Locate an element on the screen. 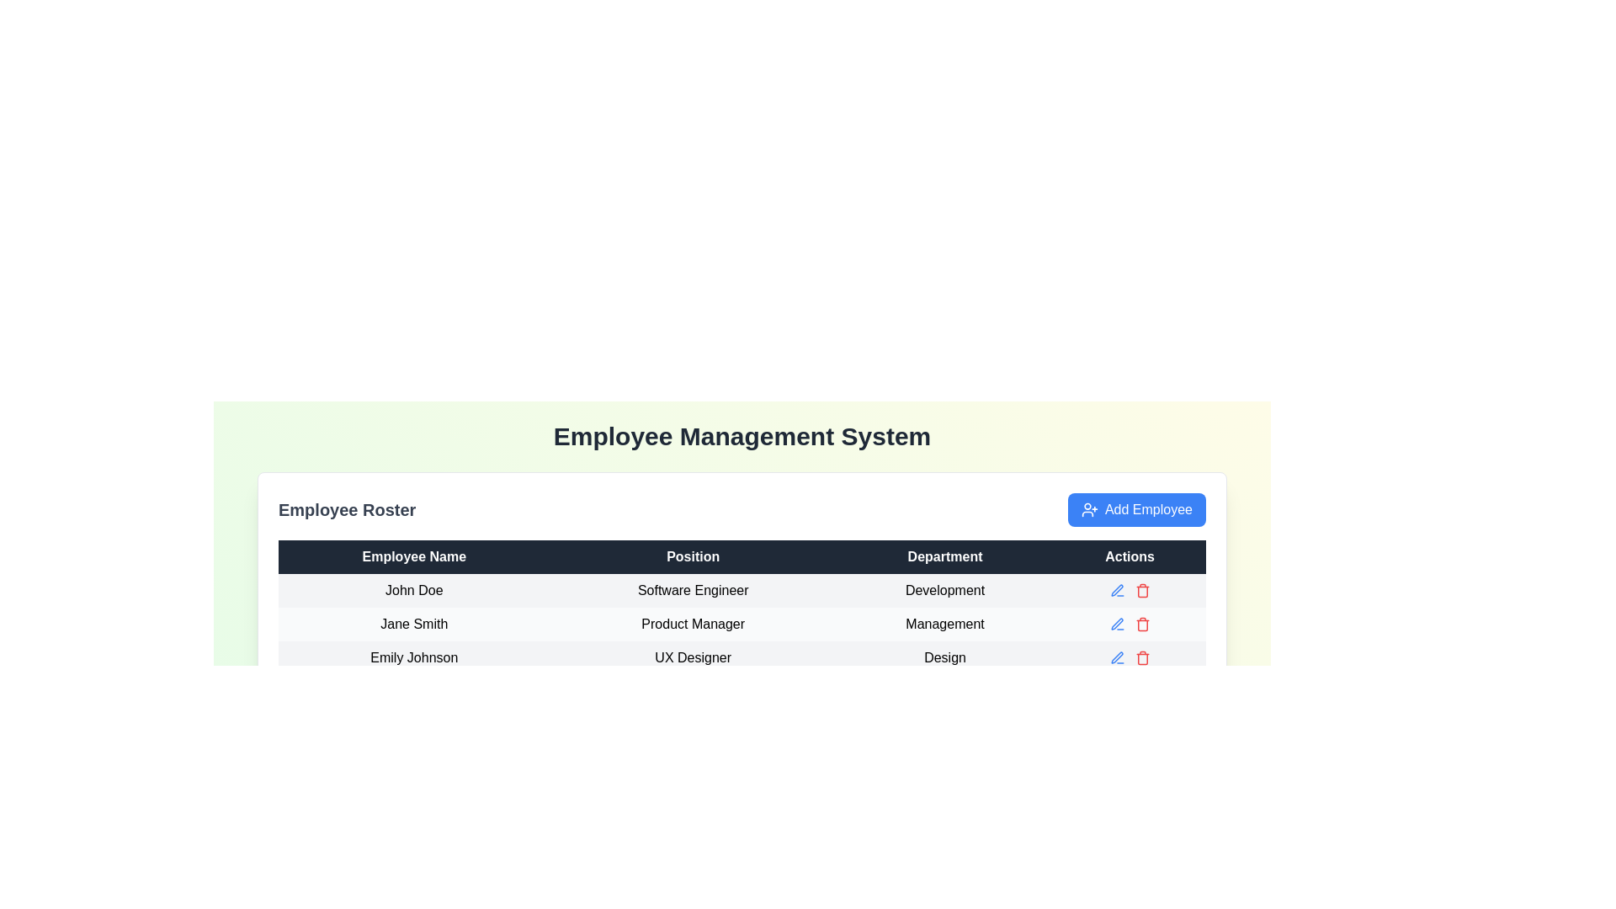 The height and width of the screenshot is (909, 1616). the 'Add Employee' button located at the top-right of the 'Employee Roster' section is located at coordinates (1136, 508).